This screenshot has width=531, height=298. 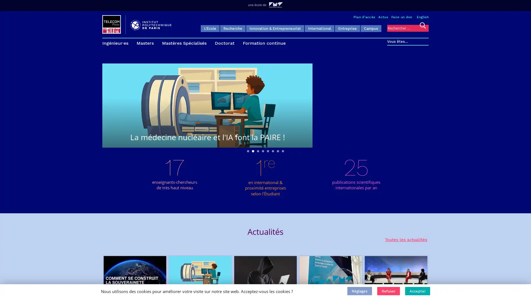 What do you see at coordinates (388, 291) in the screenshot?
I see `Refuser` at bounding box center [388, 291].